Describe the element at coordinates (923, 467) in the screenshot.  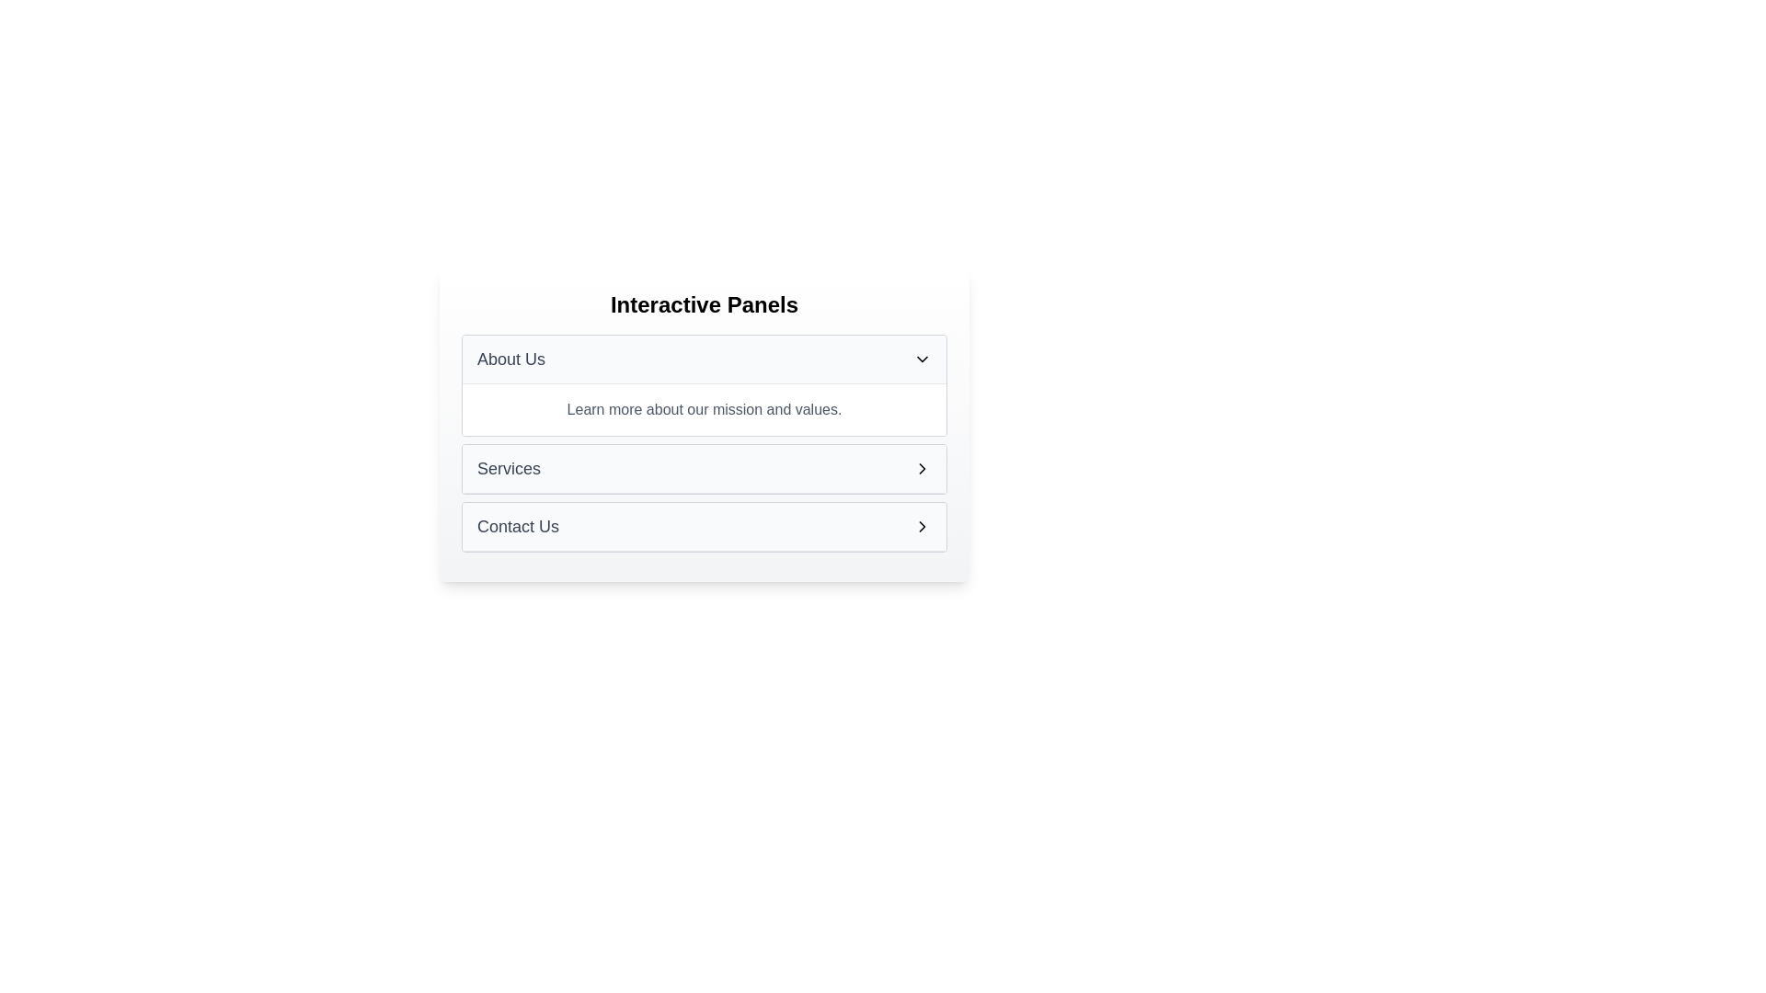
I see `the rightward pointing chevron icon with a black stroke, located at the far right end of the 'Services' row` at that location.